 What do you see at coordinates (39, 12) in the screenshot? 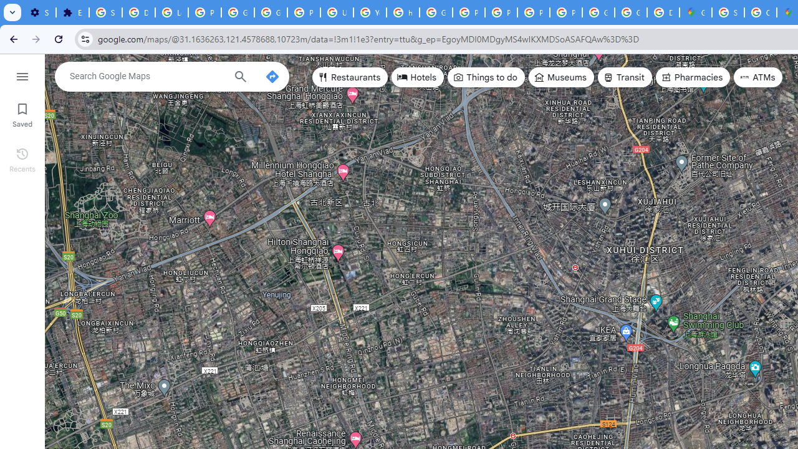
I see `'Settings - On startup'` at bounding box center [39, 12].